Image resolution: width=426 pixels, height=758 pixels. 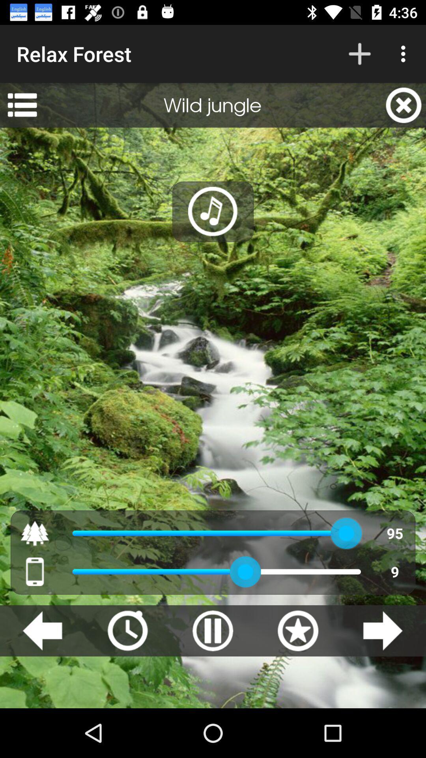 What do you see at coordinates (22, 105) in the screenshot?
I see `app next to the wild jungle` at bounding box center [22, 105].